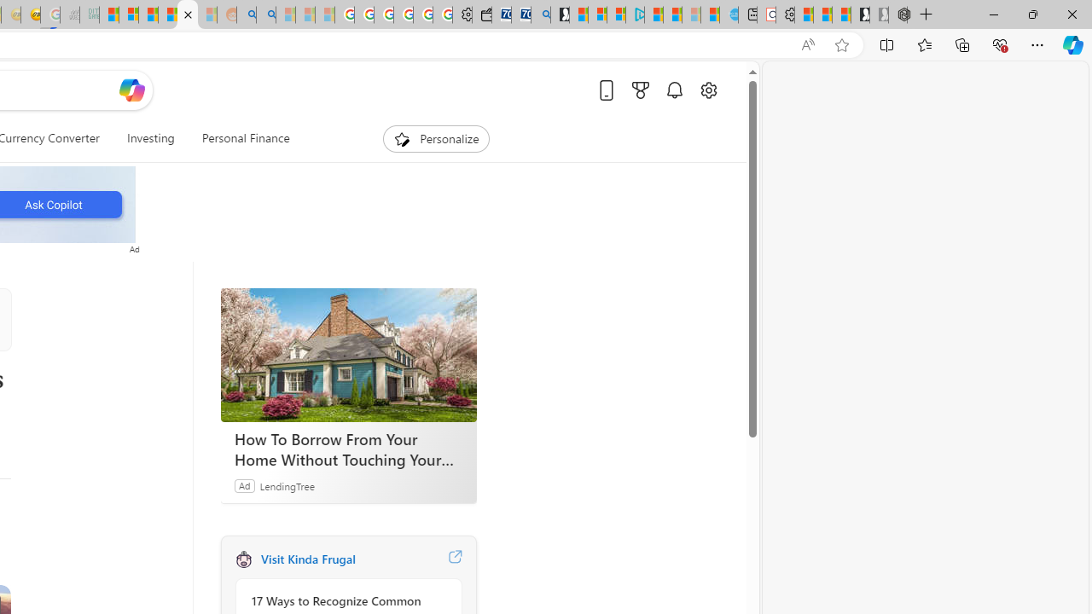 The height and width of the screenshot is (614, 1092). Describe the element at coordinates (455, 559) in the screenshot. I see `'Visit Kinda Frugal website'` at that location.